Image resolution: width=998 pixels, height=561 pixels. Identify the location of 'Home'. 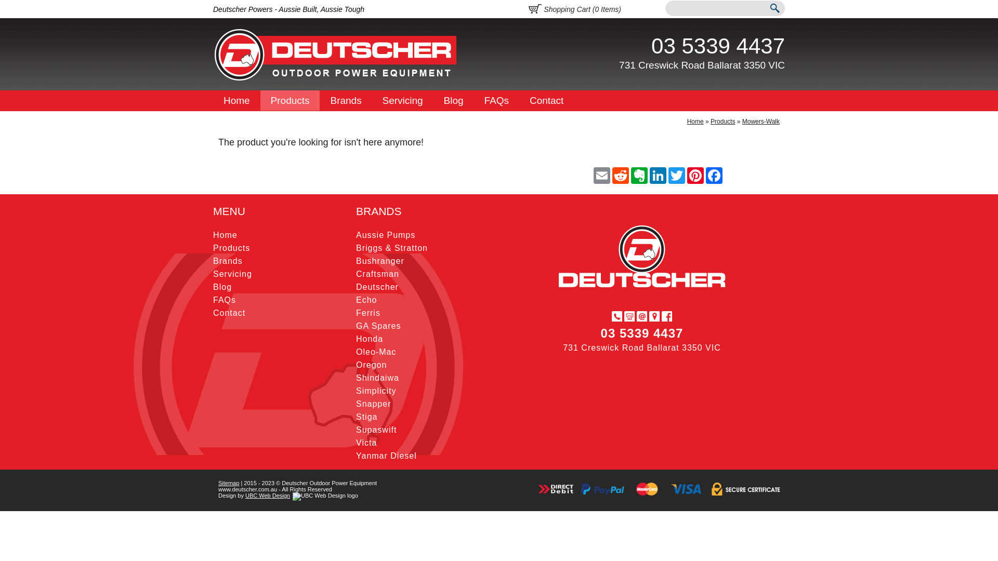
(236, 100).